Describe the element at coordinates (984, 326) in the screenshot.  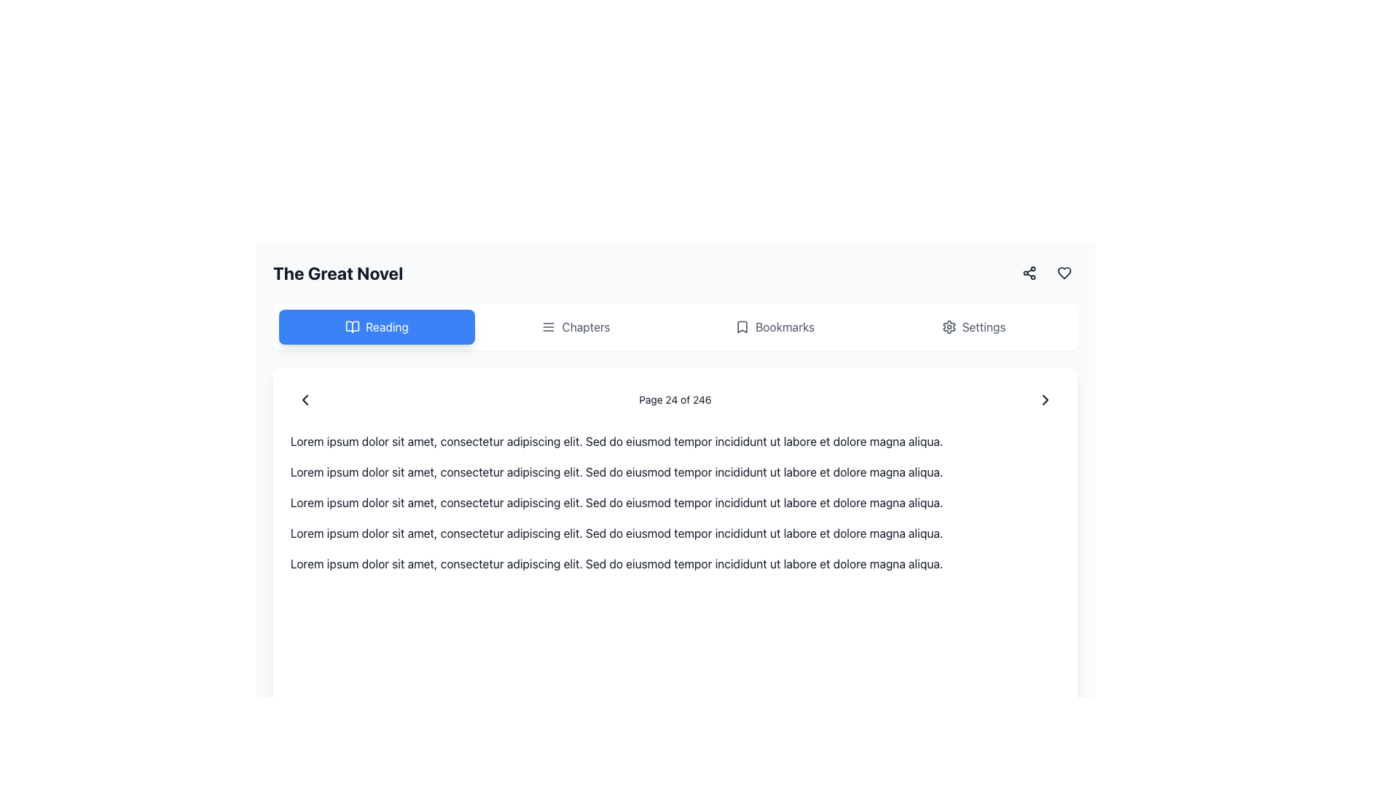
I see `the 'Settings' text label within the settings button located on the far right of the top navigation bar` at that location.